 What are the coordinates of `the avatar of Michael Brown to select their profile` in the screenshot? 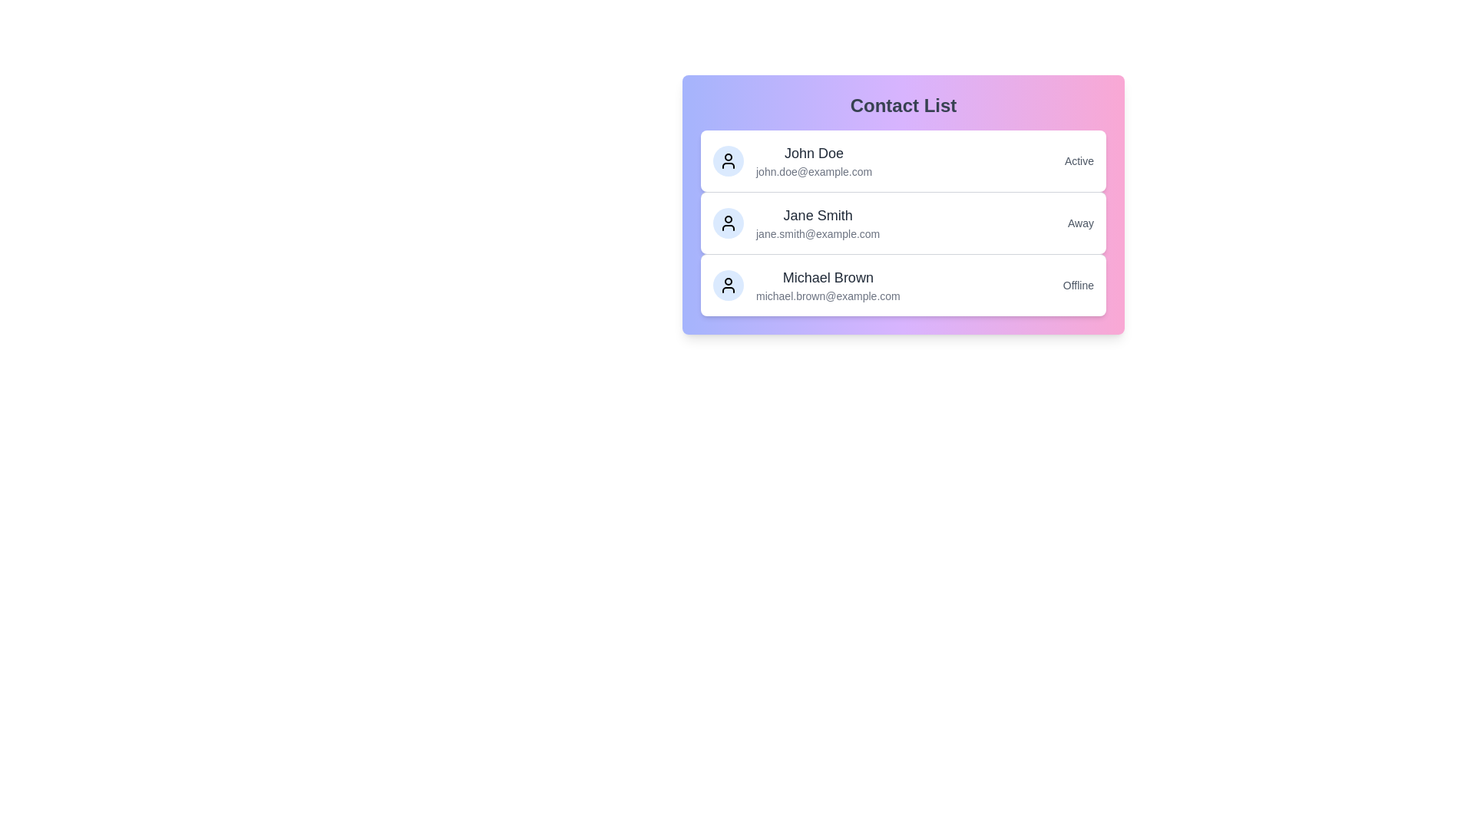 It's located at (728, 285).